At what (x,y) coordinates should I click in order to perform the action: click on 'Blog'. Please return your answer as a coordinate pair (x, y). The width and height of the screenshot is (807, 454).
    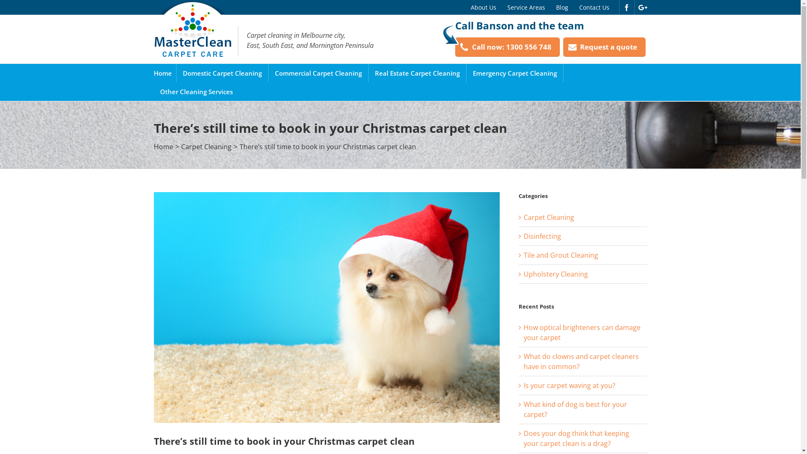
    Looking at the image, I should click on (562, 7).